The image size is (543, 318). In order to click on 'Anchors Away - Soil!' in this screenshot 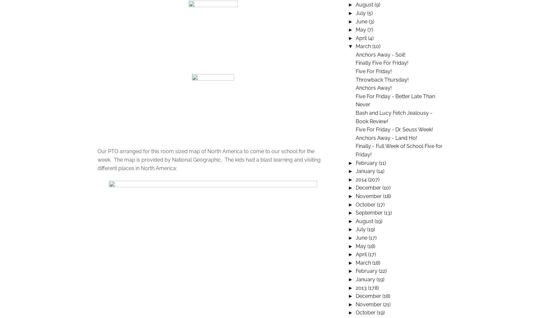, I will do `click(380, 54)`.